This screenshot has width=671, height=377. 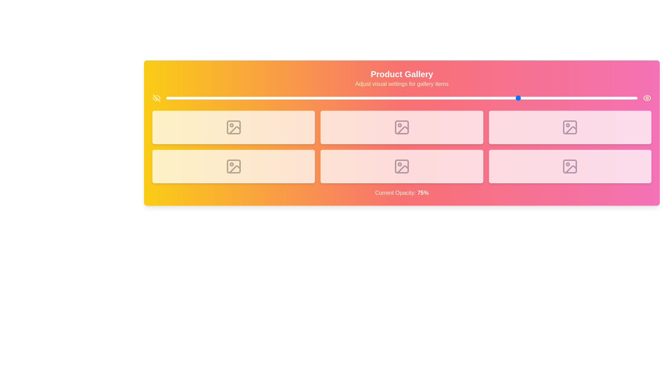 What do you see at coordinates (510, 98) in the screenshot?
I see `the gallery opacity to 73% using the slider` at bounding box center [510, 98].